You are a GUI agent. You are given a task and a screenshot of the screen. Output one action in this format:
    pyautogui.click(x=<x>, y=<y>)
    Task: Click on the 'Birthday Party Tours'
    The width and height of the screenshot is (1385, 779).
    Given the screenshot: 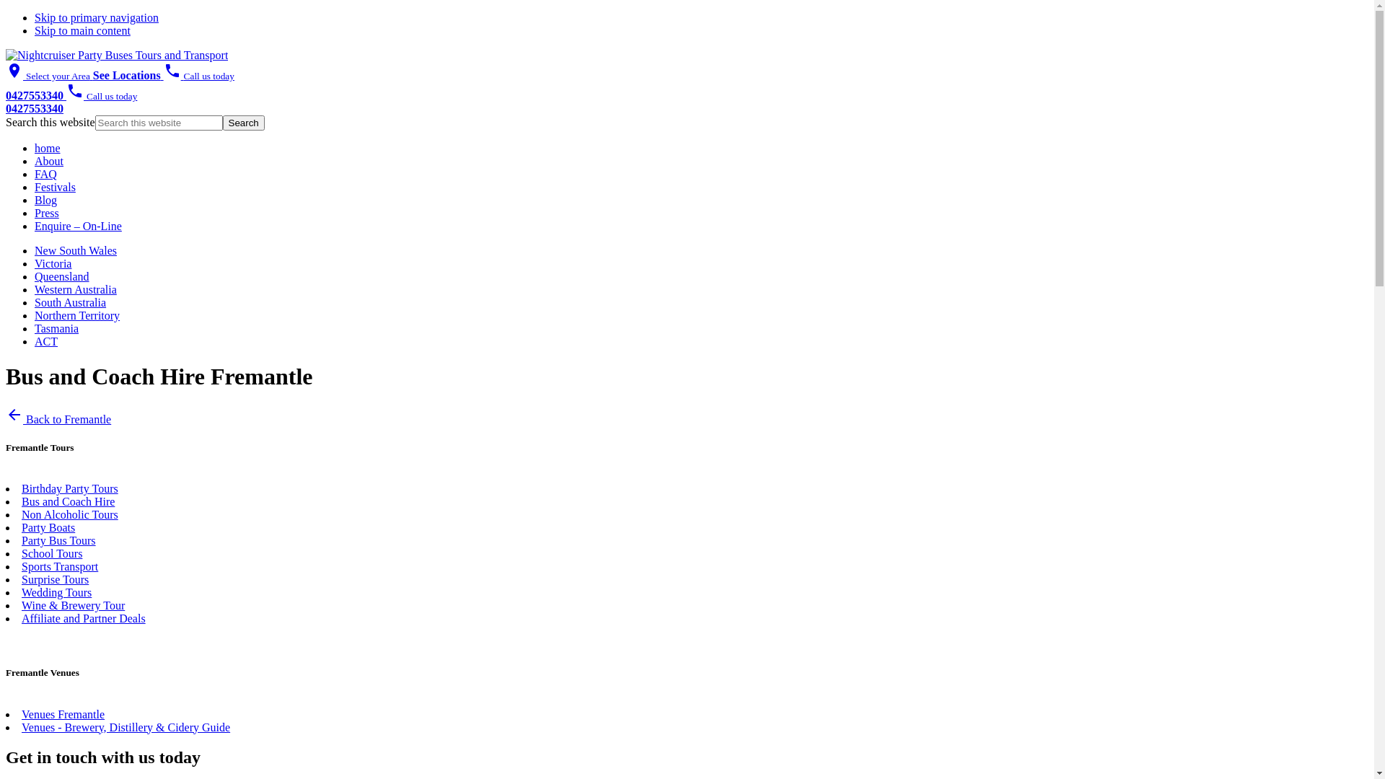 What is the action you would take?
    pyautogui.click(x=69, y=488)
    